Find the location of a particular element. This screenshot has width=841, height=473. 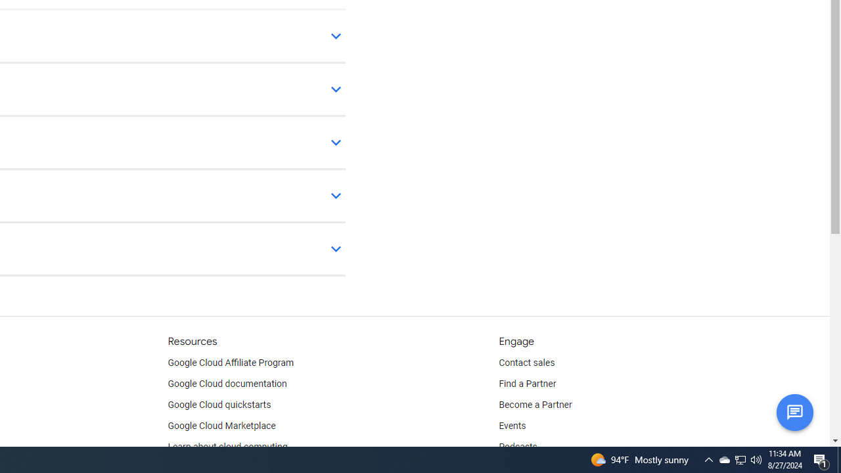

'Find a Partner' is located at coordinates (528, 384).